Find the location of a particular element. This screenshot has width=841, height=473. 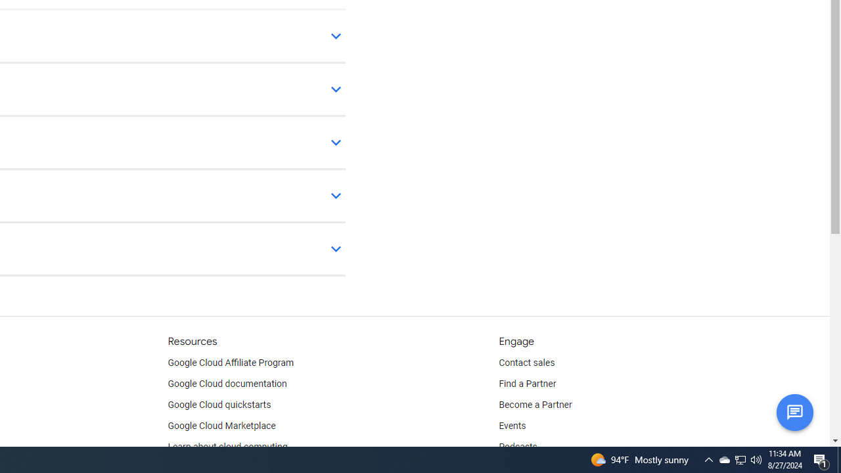

'Find a Partner' is located at coordinates (528, 384).